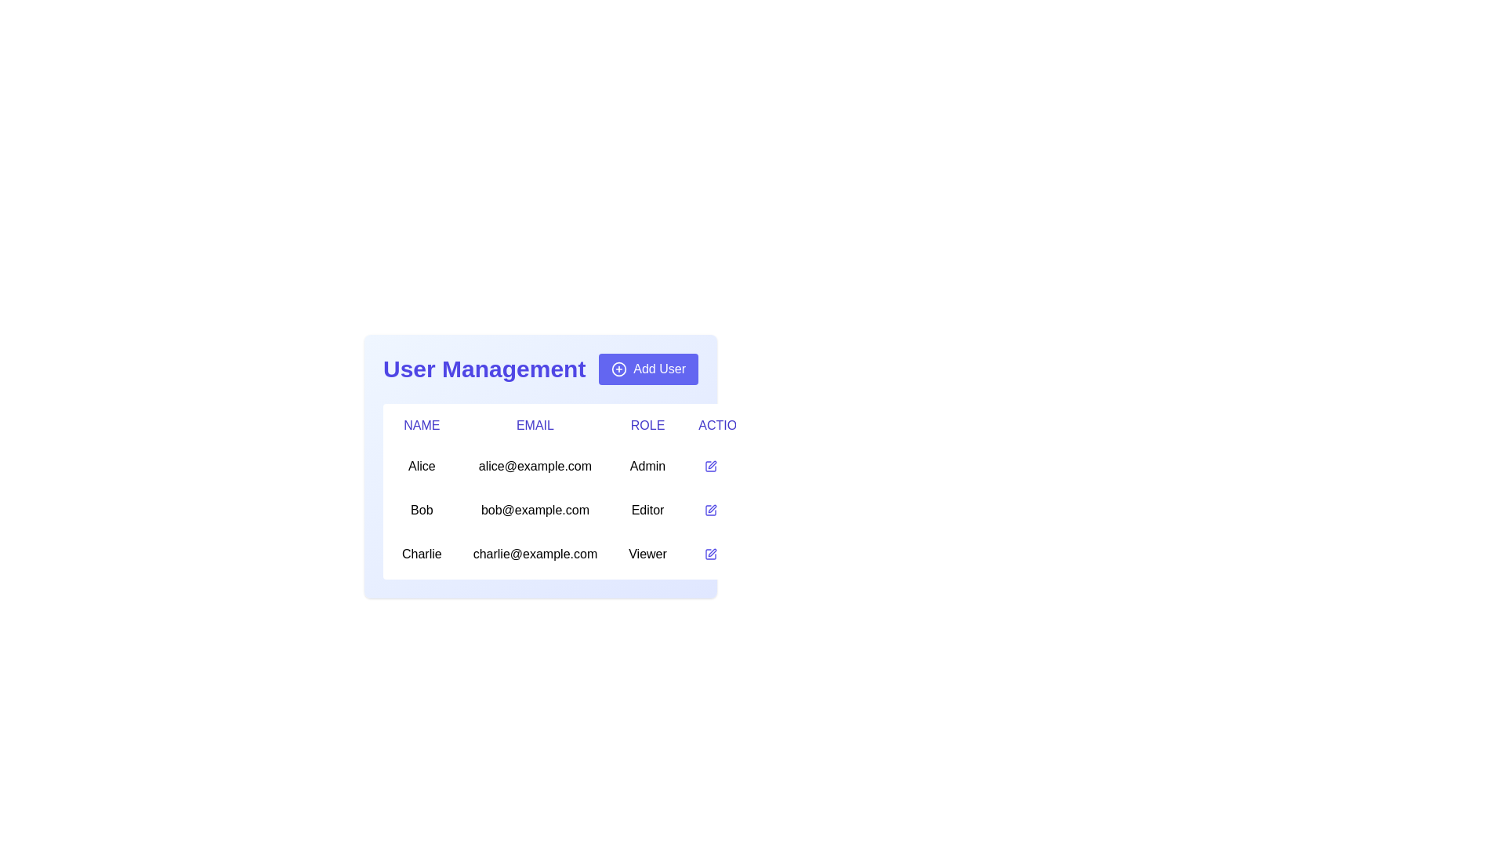 This screenshot has height=847, width=1505. What do you see at coordinates (741, 553) in the screenshot?
I see `the delete button associated with user 'Charlie' located in the bottommost row of the 'Actions' column in the user management table` at bounding box center [741, 553].